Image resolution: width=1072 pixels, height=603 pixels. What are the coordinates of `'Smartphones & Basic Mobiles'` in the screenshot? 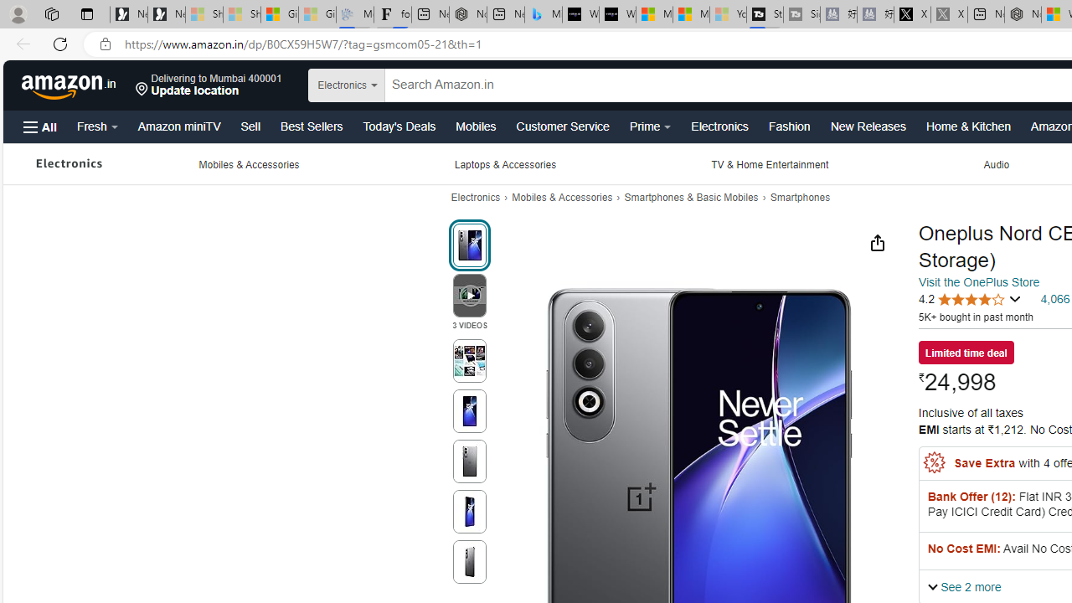 It's located at (691, 197).